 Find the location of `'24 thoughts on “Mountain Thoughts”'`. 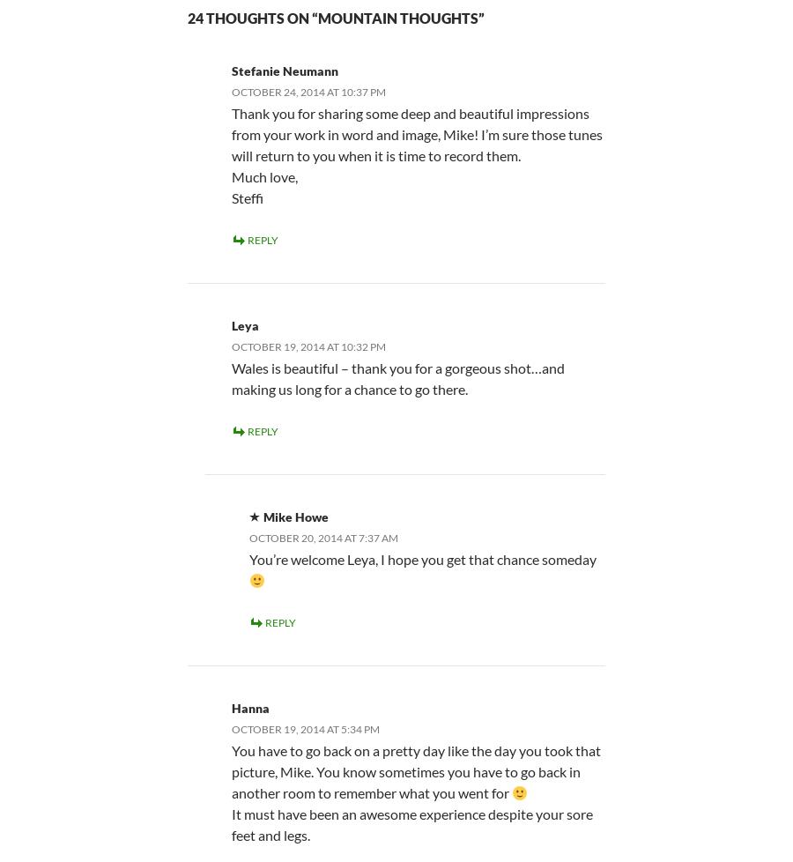

'24 thoughts on “Mountain Thoughts”' is located at coordinates (336, 17).